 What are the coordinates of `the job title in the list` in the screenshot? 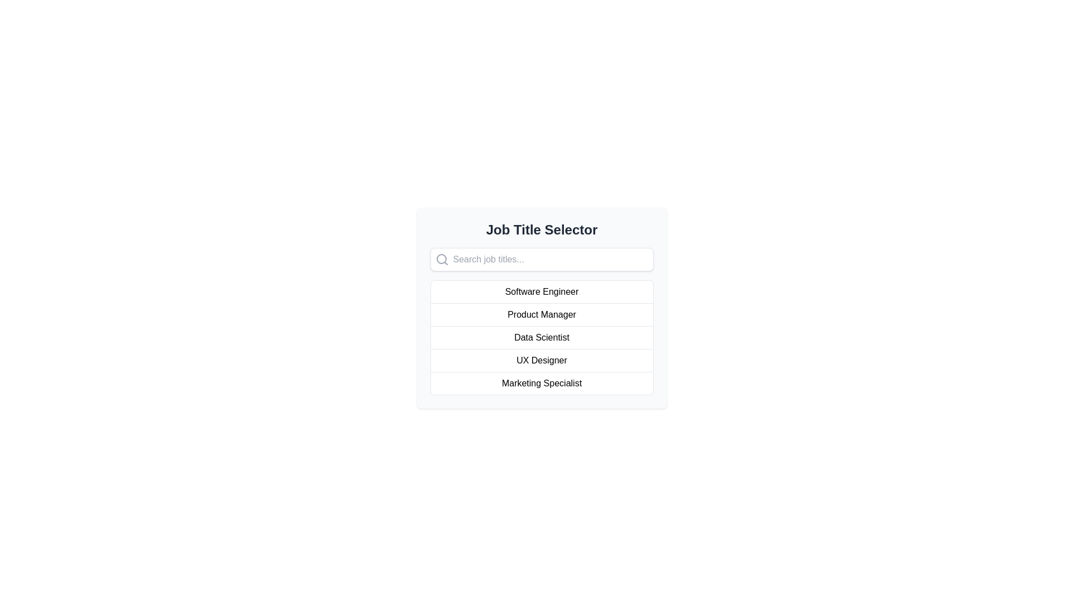 It's located at (542, 337).